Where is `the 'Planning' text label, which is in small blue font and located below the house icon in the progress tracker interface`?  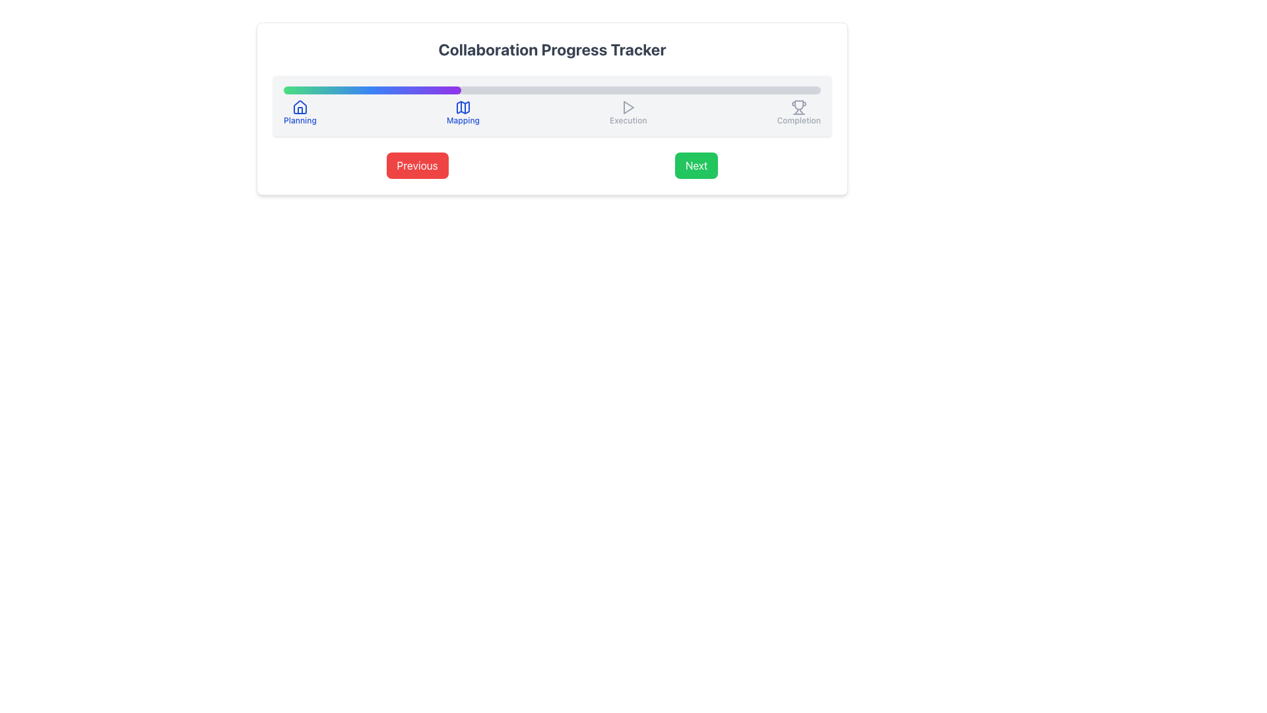
the 'Planning' text label, which is in small blue font and located below the house icon in the progress tracker interface is located at coordinates (299, 120).